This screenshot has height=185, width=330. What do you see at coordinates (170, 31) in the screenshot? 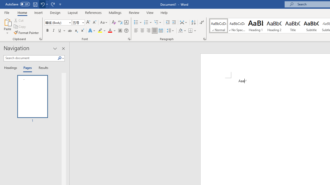
I see `'Line and Paragraph Spacing'` at bounding box center [170, 31].